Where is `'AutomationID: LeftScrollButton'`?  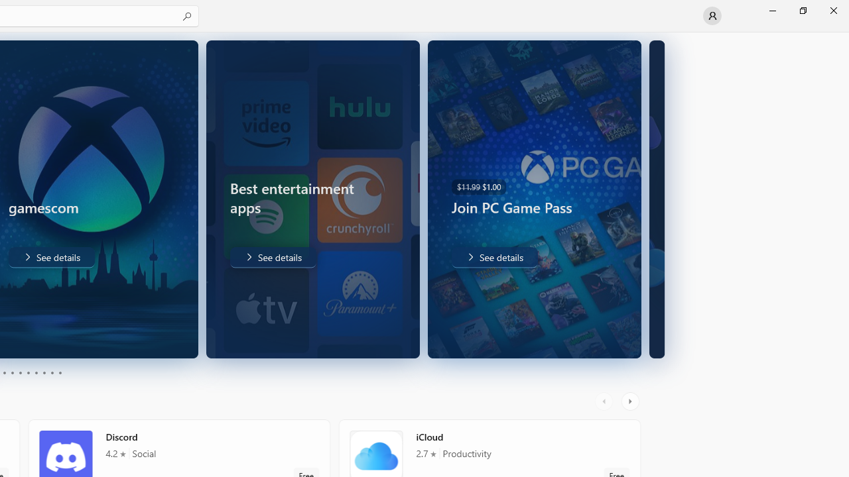
'AutomationID: LeftScrollButton' is located at coordinates (605, 401).